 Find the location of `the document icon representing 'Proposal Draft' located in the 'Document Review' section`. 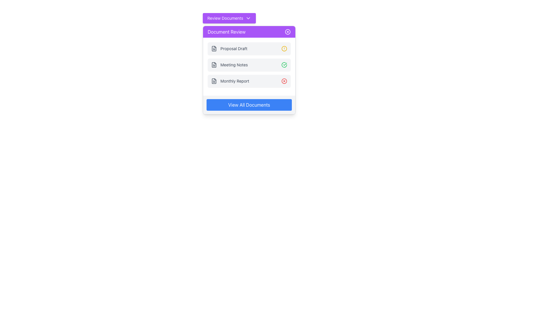

the document icon representing 'Proposal Draft' located in the 'Document Review' section is located at coordinates (214, 48).